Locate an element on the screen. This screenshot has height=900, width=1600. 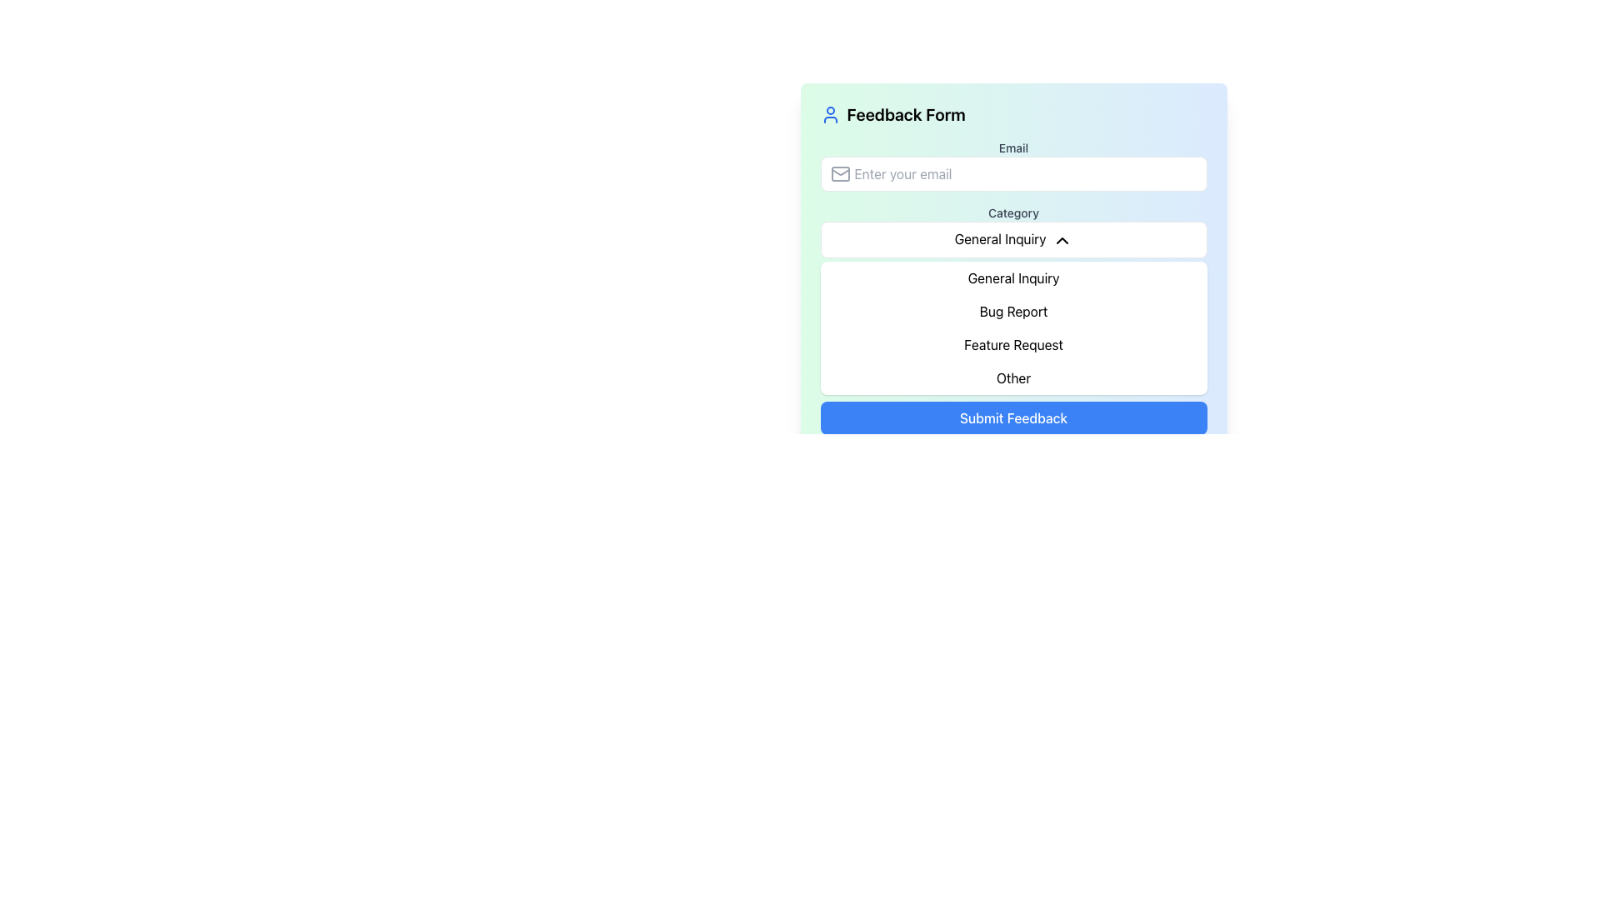
the dropdown menu displaying 'General Inquiry' in the feedback form is located at coordinates (1012, 248).